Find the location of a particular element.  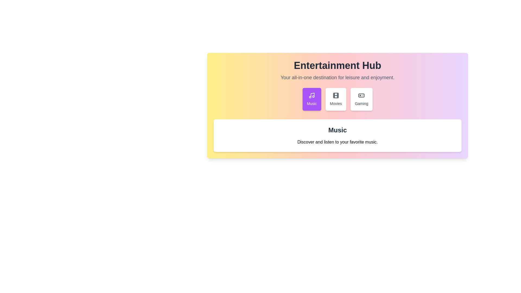

the 'Movies' category card in the entertainment hub is located at coordinates (335, 99).